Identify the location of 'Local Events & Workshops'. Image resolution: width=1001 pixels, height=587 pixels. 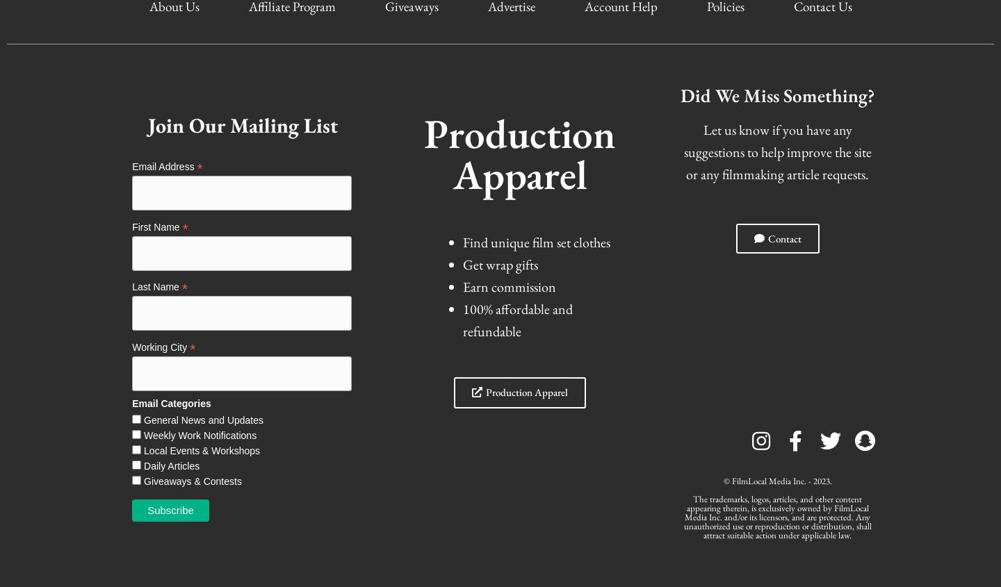
(201, 450).